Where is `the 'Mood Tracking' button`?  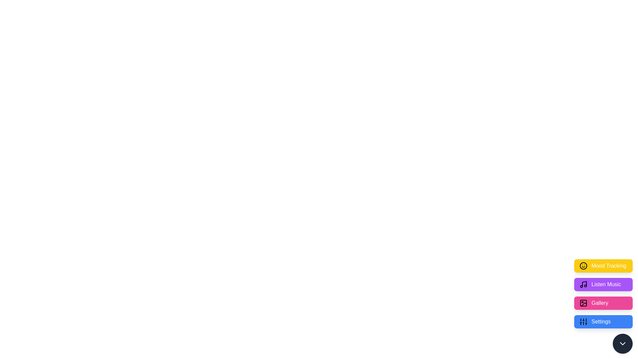
the 'Mood Tracking' button is located at coordinates (603, 265).